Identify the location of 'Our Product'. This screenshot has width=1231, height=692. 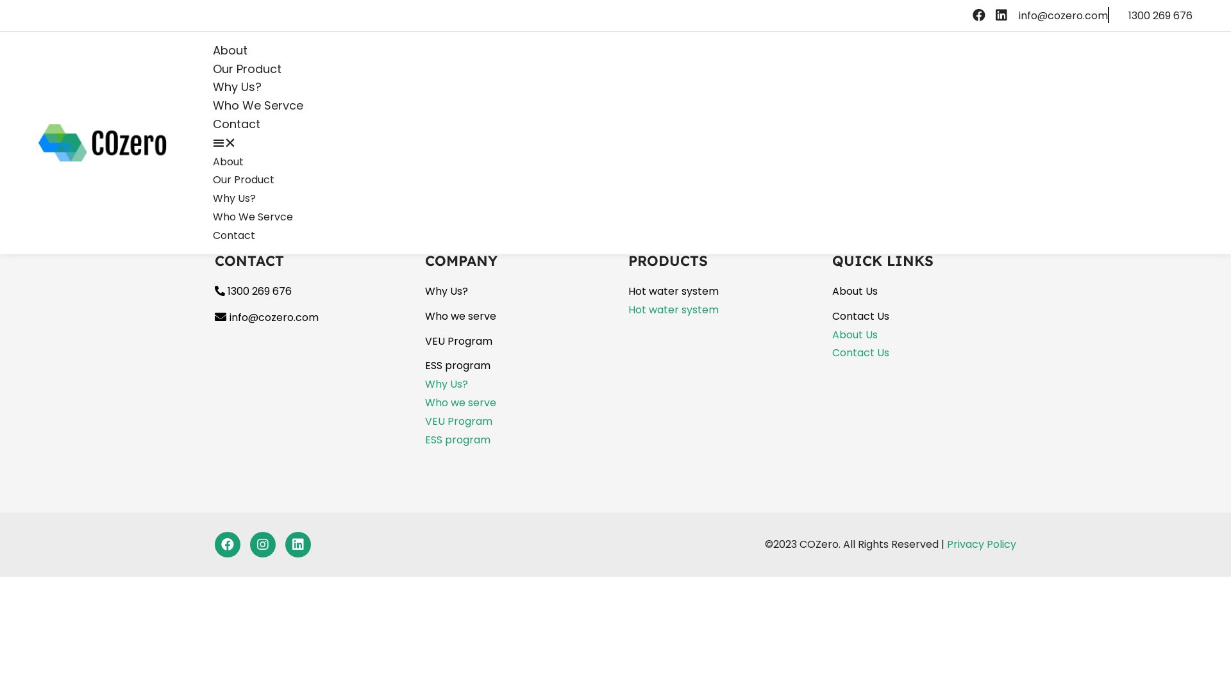
(243, 179).